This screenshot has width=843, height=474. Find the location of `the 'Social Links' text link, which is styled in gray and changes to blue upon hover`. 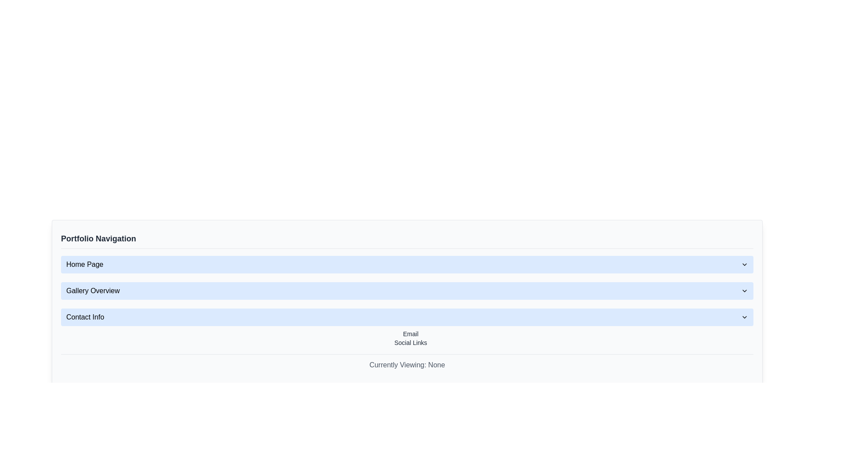

the 'Social Links' text link, which is styled in gray and changes to blue upon hover is located at coordinates (410, 342).